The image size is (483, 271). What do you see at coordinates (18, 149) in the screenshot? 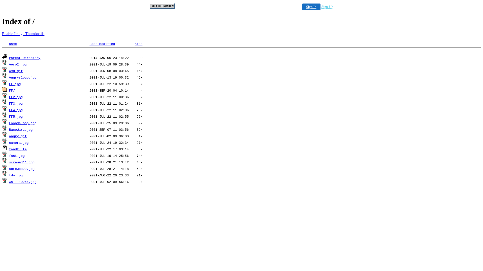
I see `'fandf.lte'` at bounding box center [18, 149].